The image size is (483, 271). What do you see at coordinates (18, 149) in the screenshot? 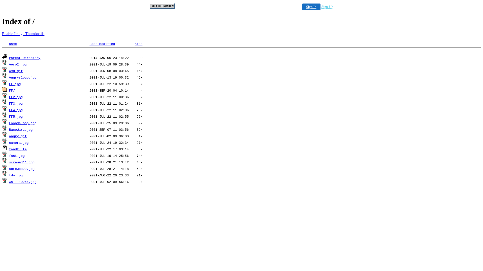
I see `'fandf.lte'` at bounding box center [18, 149].